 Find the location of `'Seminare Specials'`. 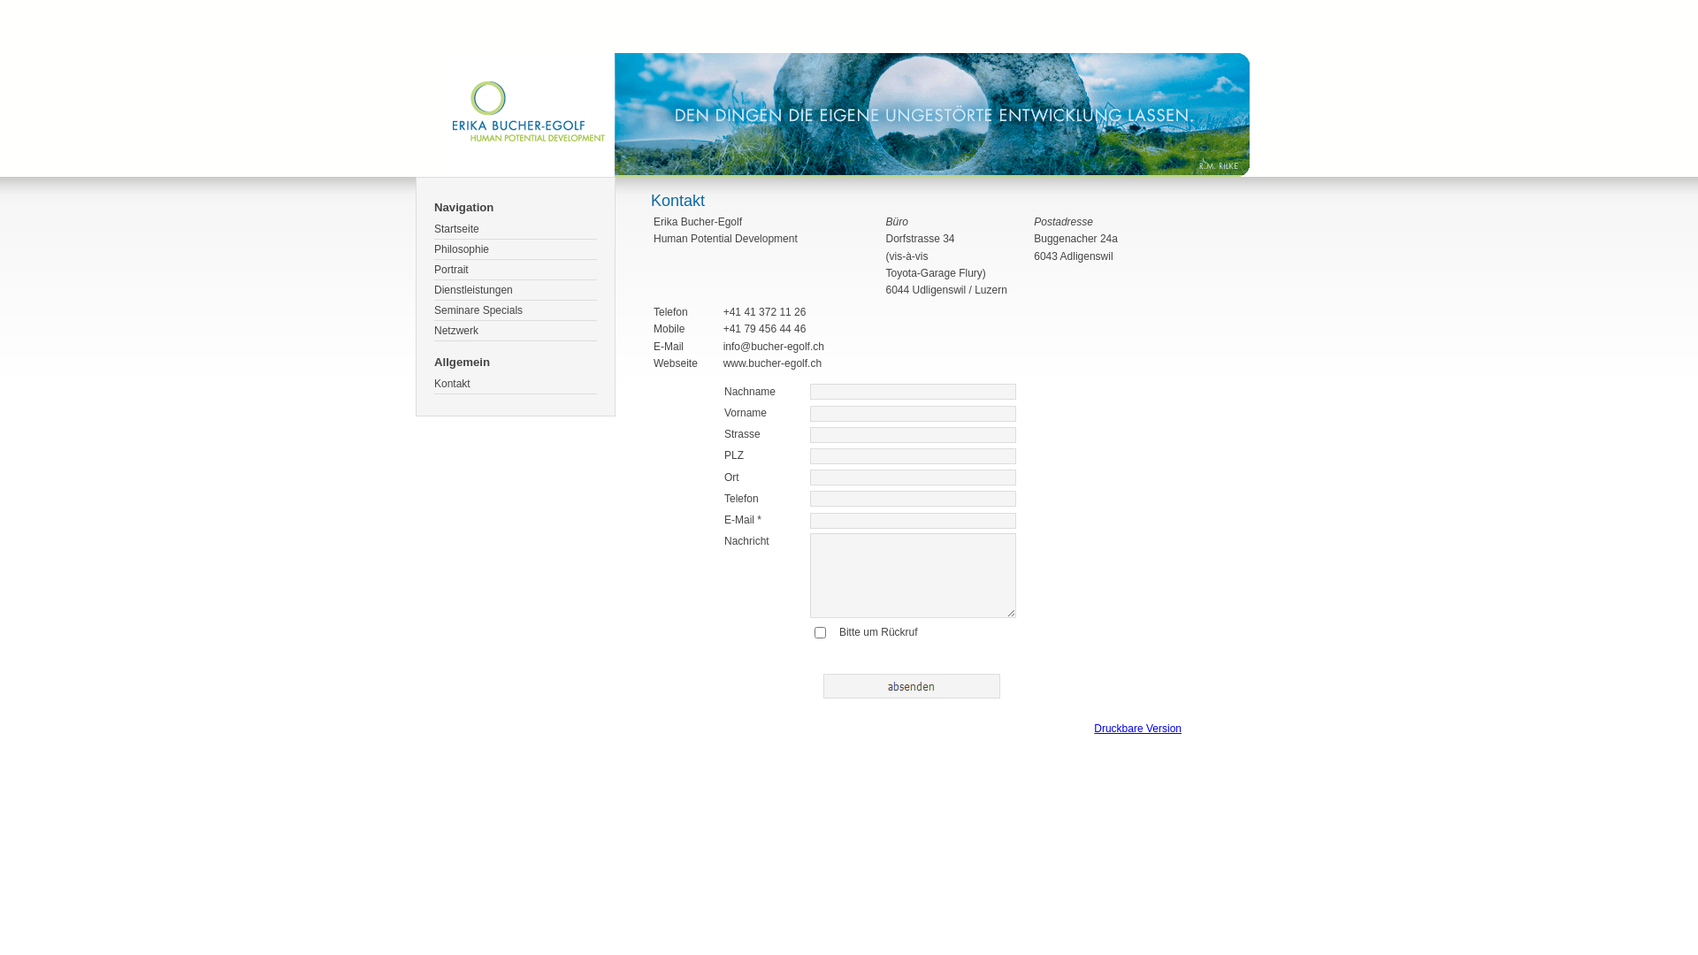

'Seminare Specials' is located at coordinates (514, 309).